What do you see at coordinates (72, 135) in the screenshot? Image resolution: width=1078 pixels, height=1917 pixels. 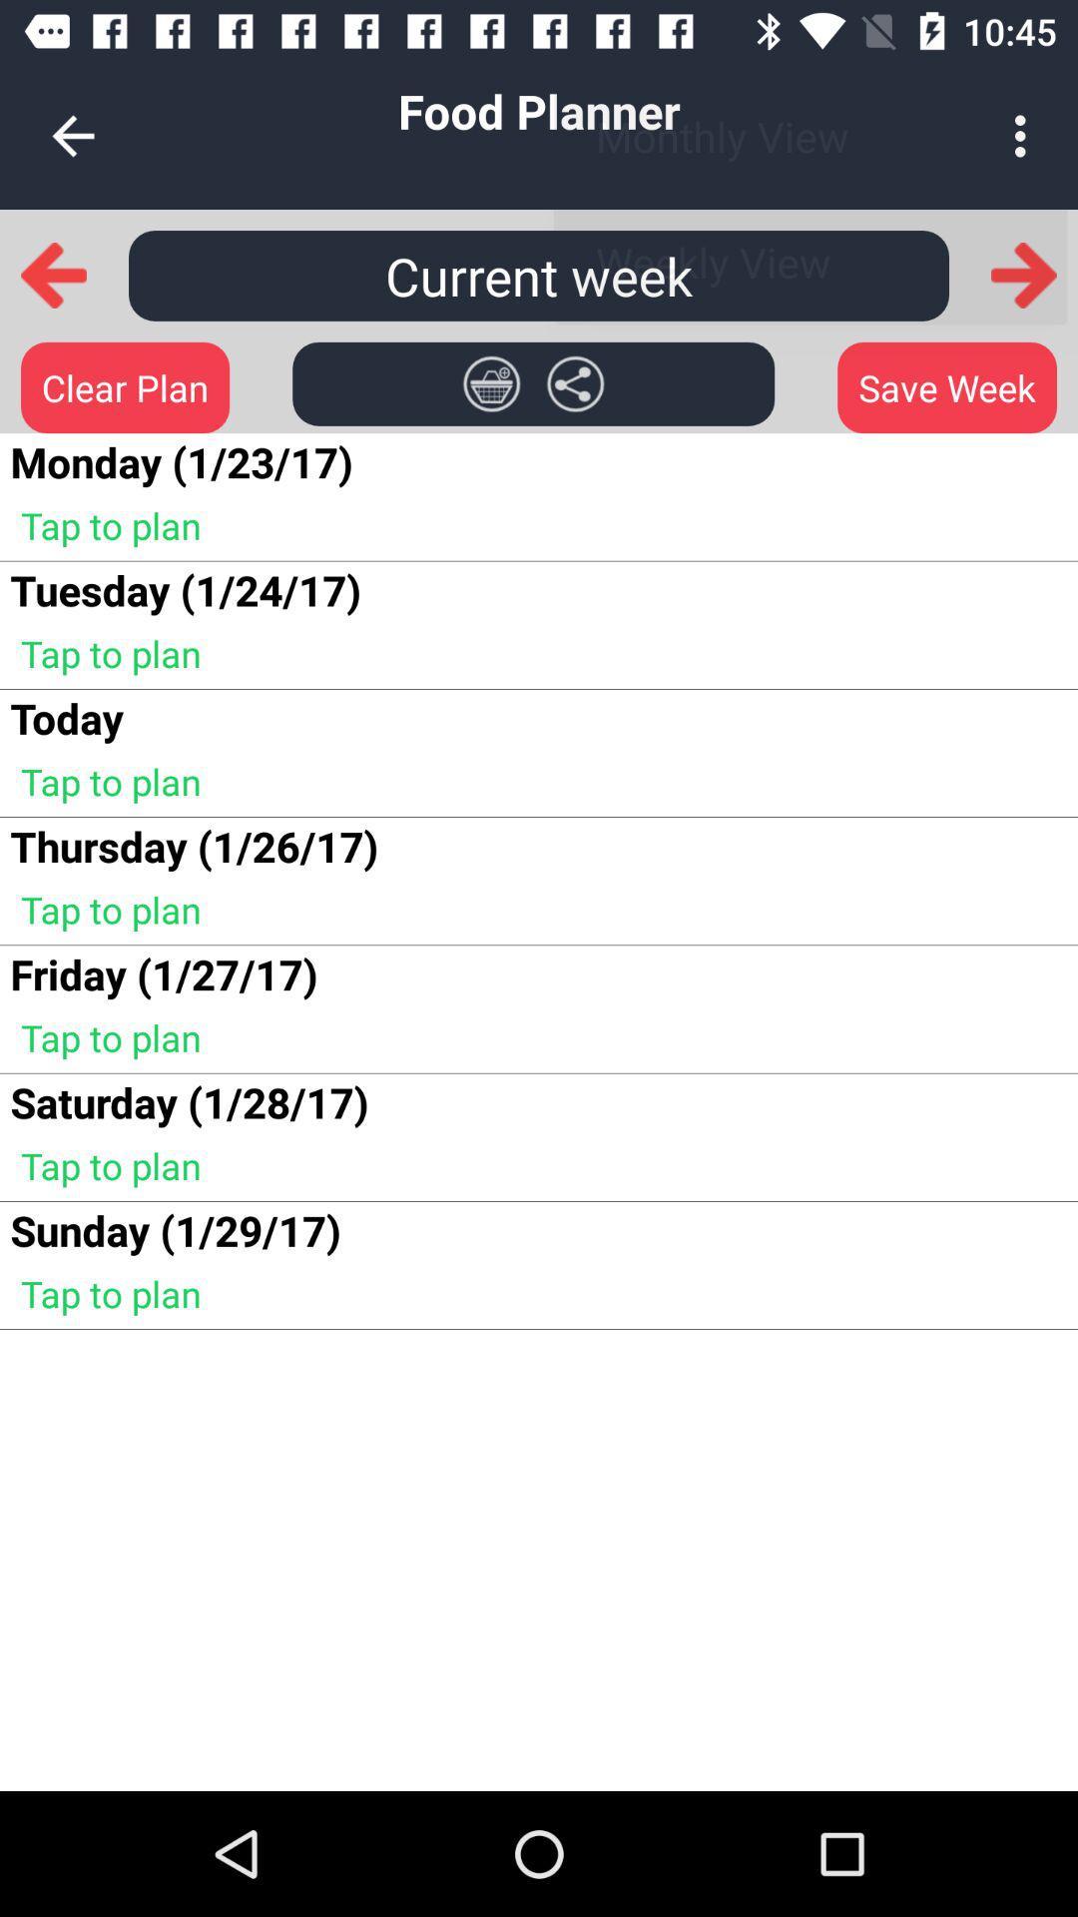 I see `the icon above the current week icon` at bounding box center [72, 135].